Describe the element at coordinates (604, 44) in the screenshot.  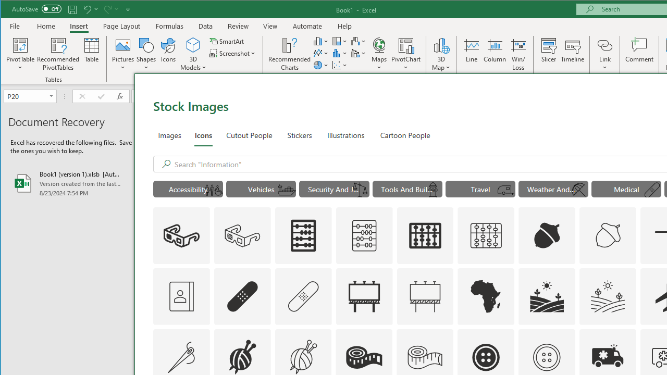
I see `'Link'` at that location.